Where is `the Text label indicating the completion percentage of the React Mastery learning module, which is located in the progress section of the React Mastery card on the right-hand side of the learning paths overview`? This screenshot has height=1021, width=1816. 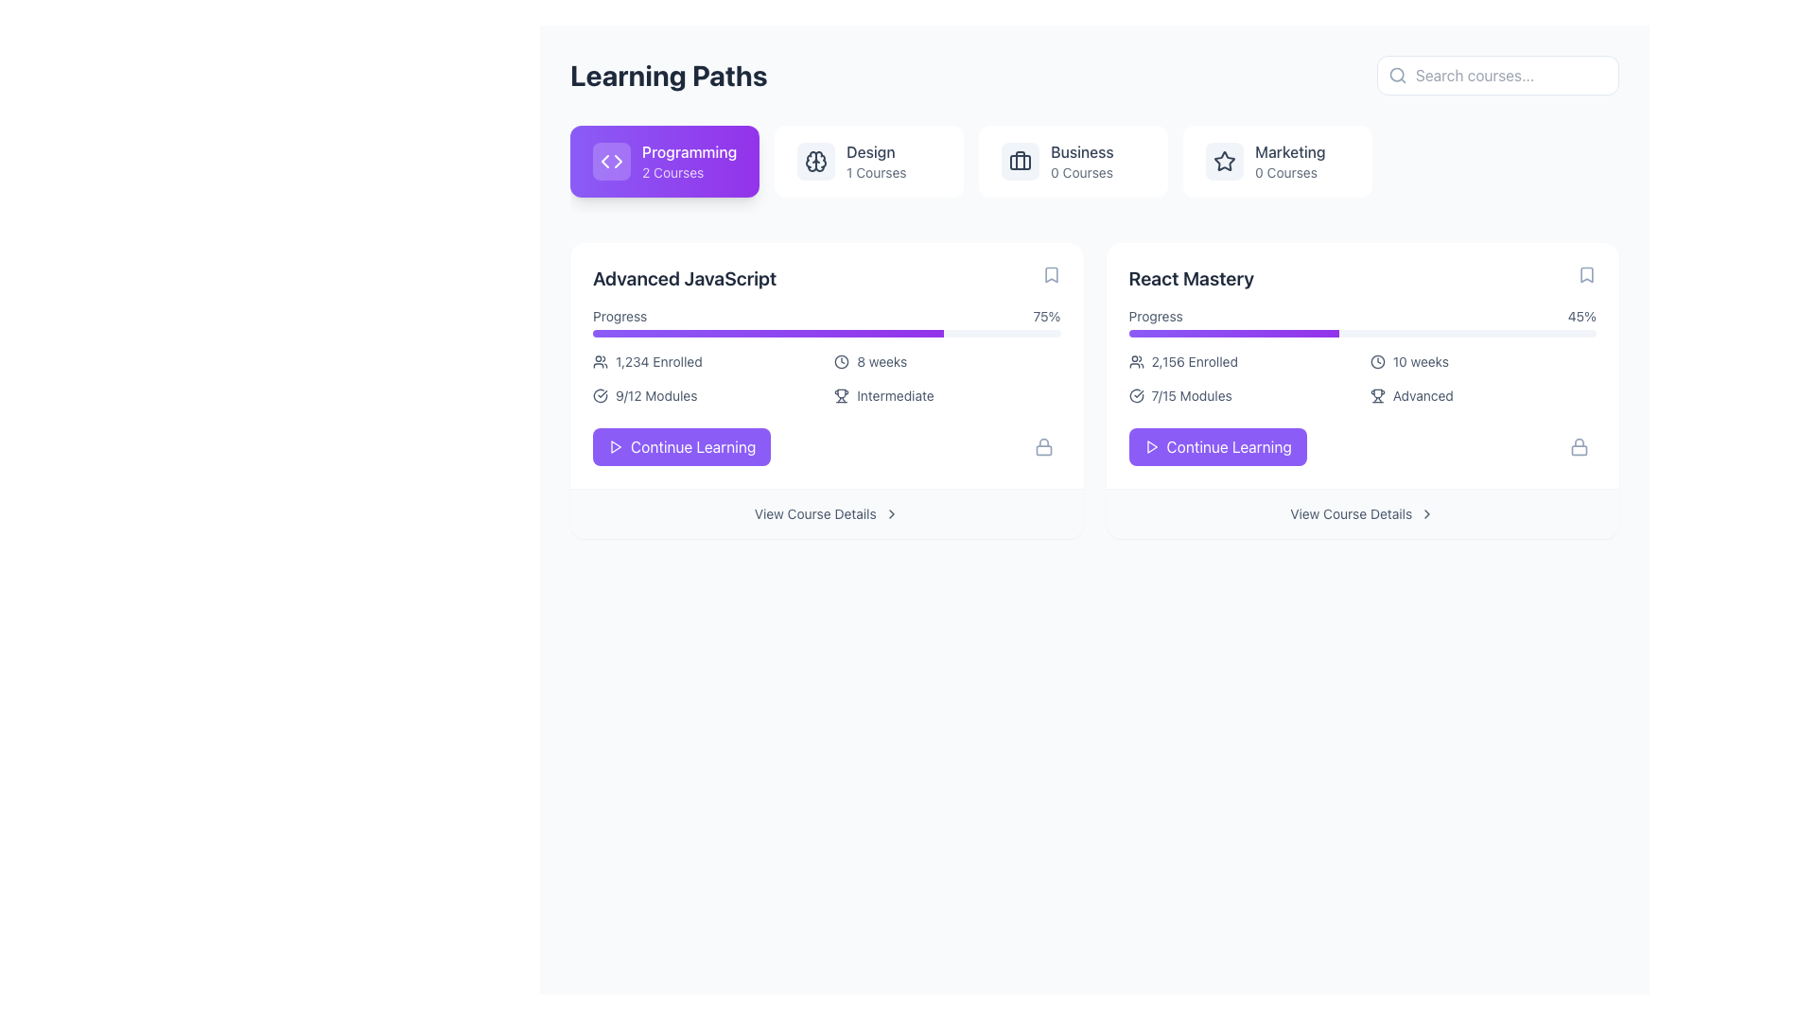
the Text label indicating the completion percentage of the React Mastery learning module, which is located in the progress section of the React Mastery card on the right-hand side of the learning paths overview is located at coordinates (1581, 316).